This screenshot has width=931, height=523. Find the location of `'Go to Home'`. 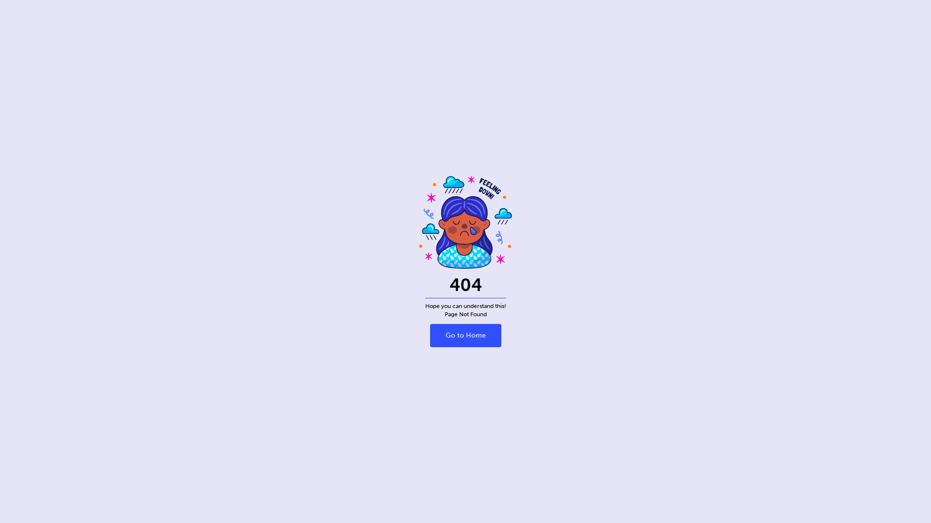

'Go to Home' is located at coordinates (465, 335).